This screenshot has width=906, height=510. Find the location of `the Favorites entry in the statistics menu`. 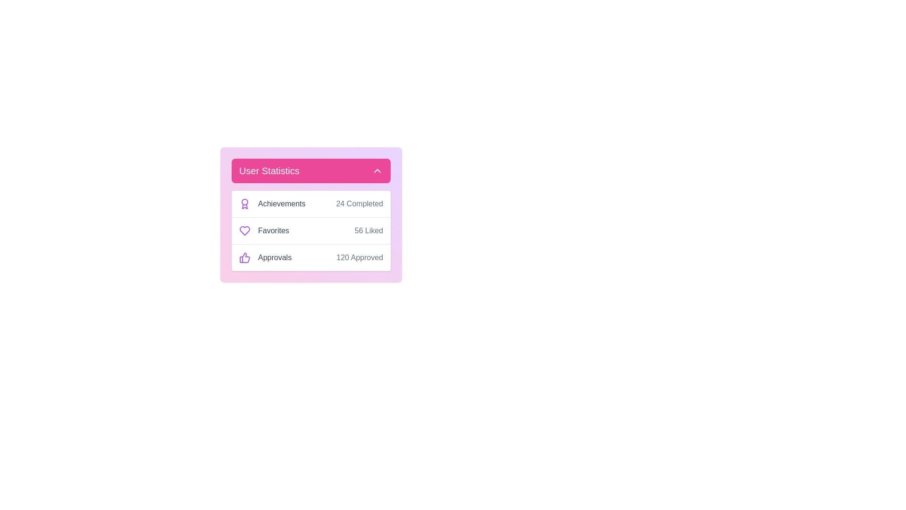

the Favorites entry in the statistics menu is located at coordinates (311, 230).